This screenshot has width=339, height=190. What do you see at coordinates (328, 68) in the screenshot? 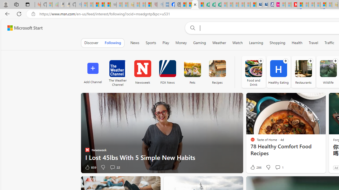
I see `'Wildlife'` at bounding box center [328, 68].